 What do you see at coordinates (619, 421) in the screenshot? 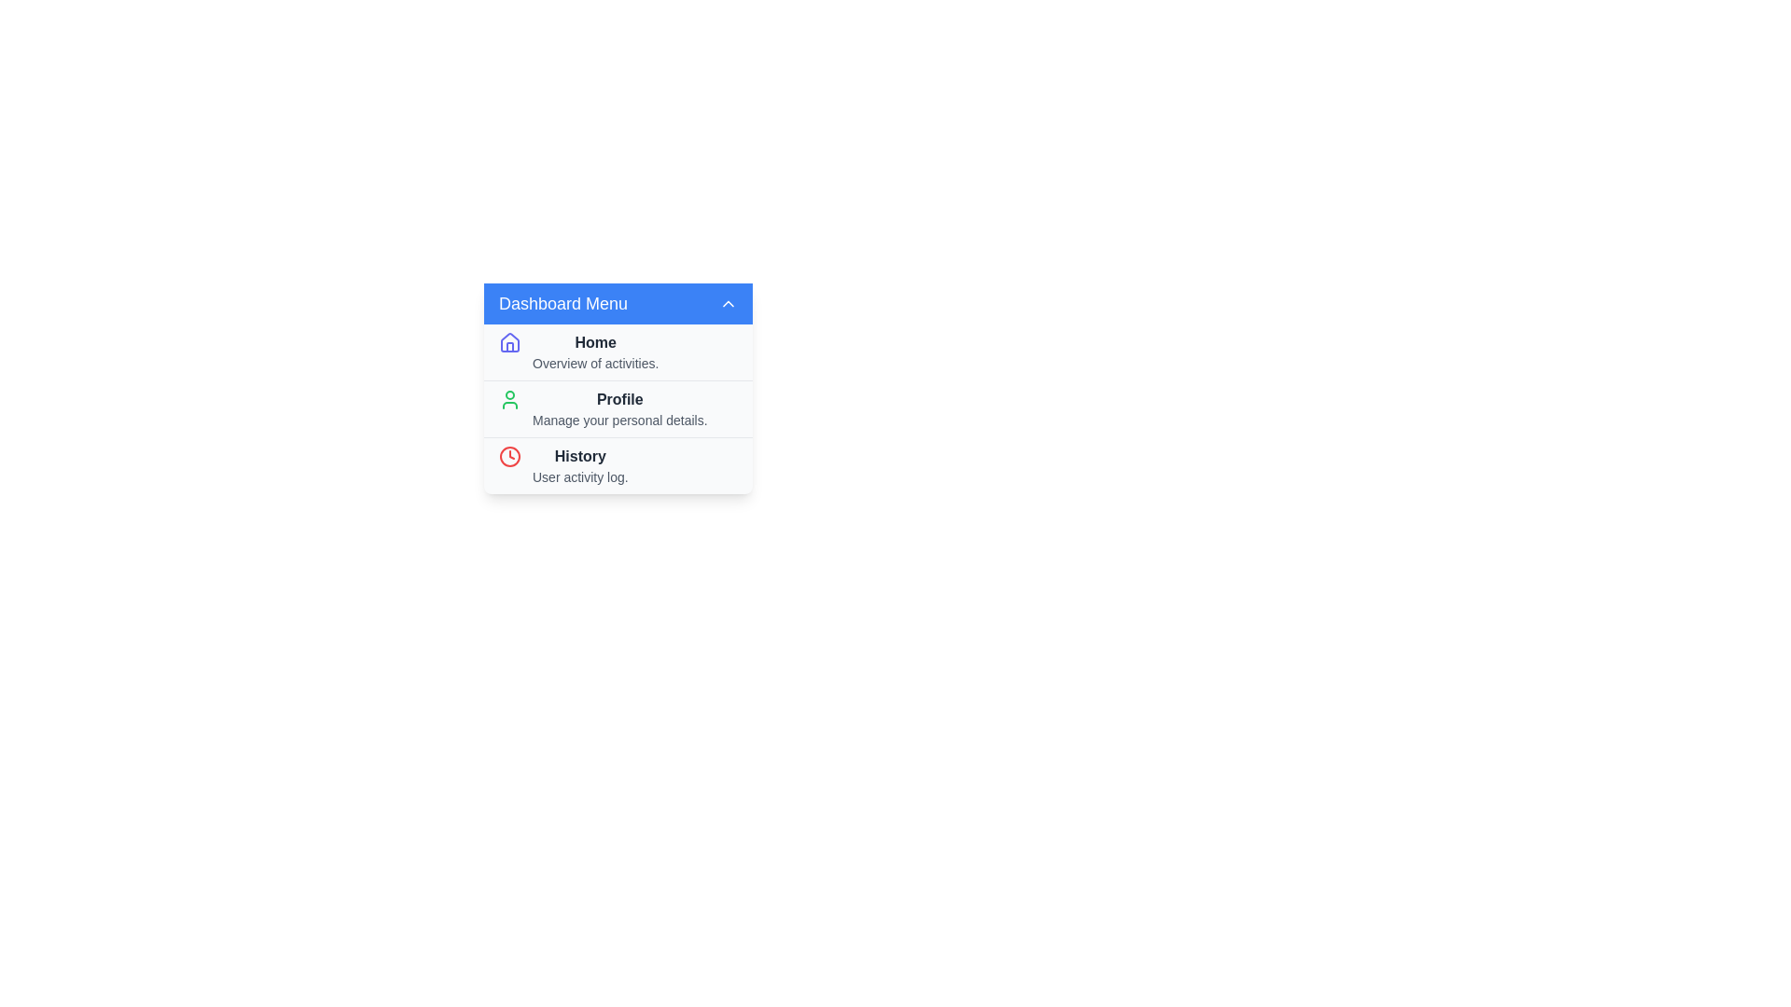
I see `static text 'Manage your personal details.' which is displayed in a small gray font beneath the 'Profile' section of the dashboard menu` at bounding box center [619, 421].